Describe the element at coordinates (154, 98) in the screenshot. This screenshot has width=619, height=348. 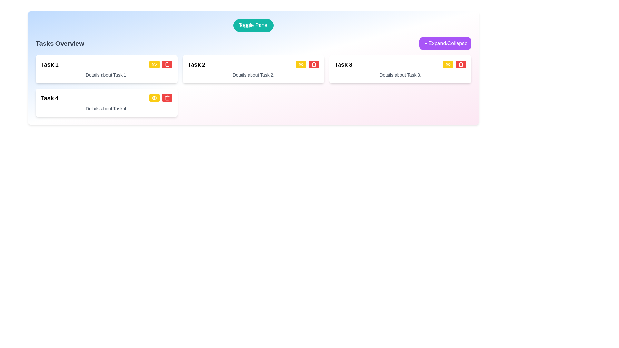
I see `the button located in the card for 'Task 4'` at that location.